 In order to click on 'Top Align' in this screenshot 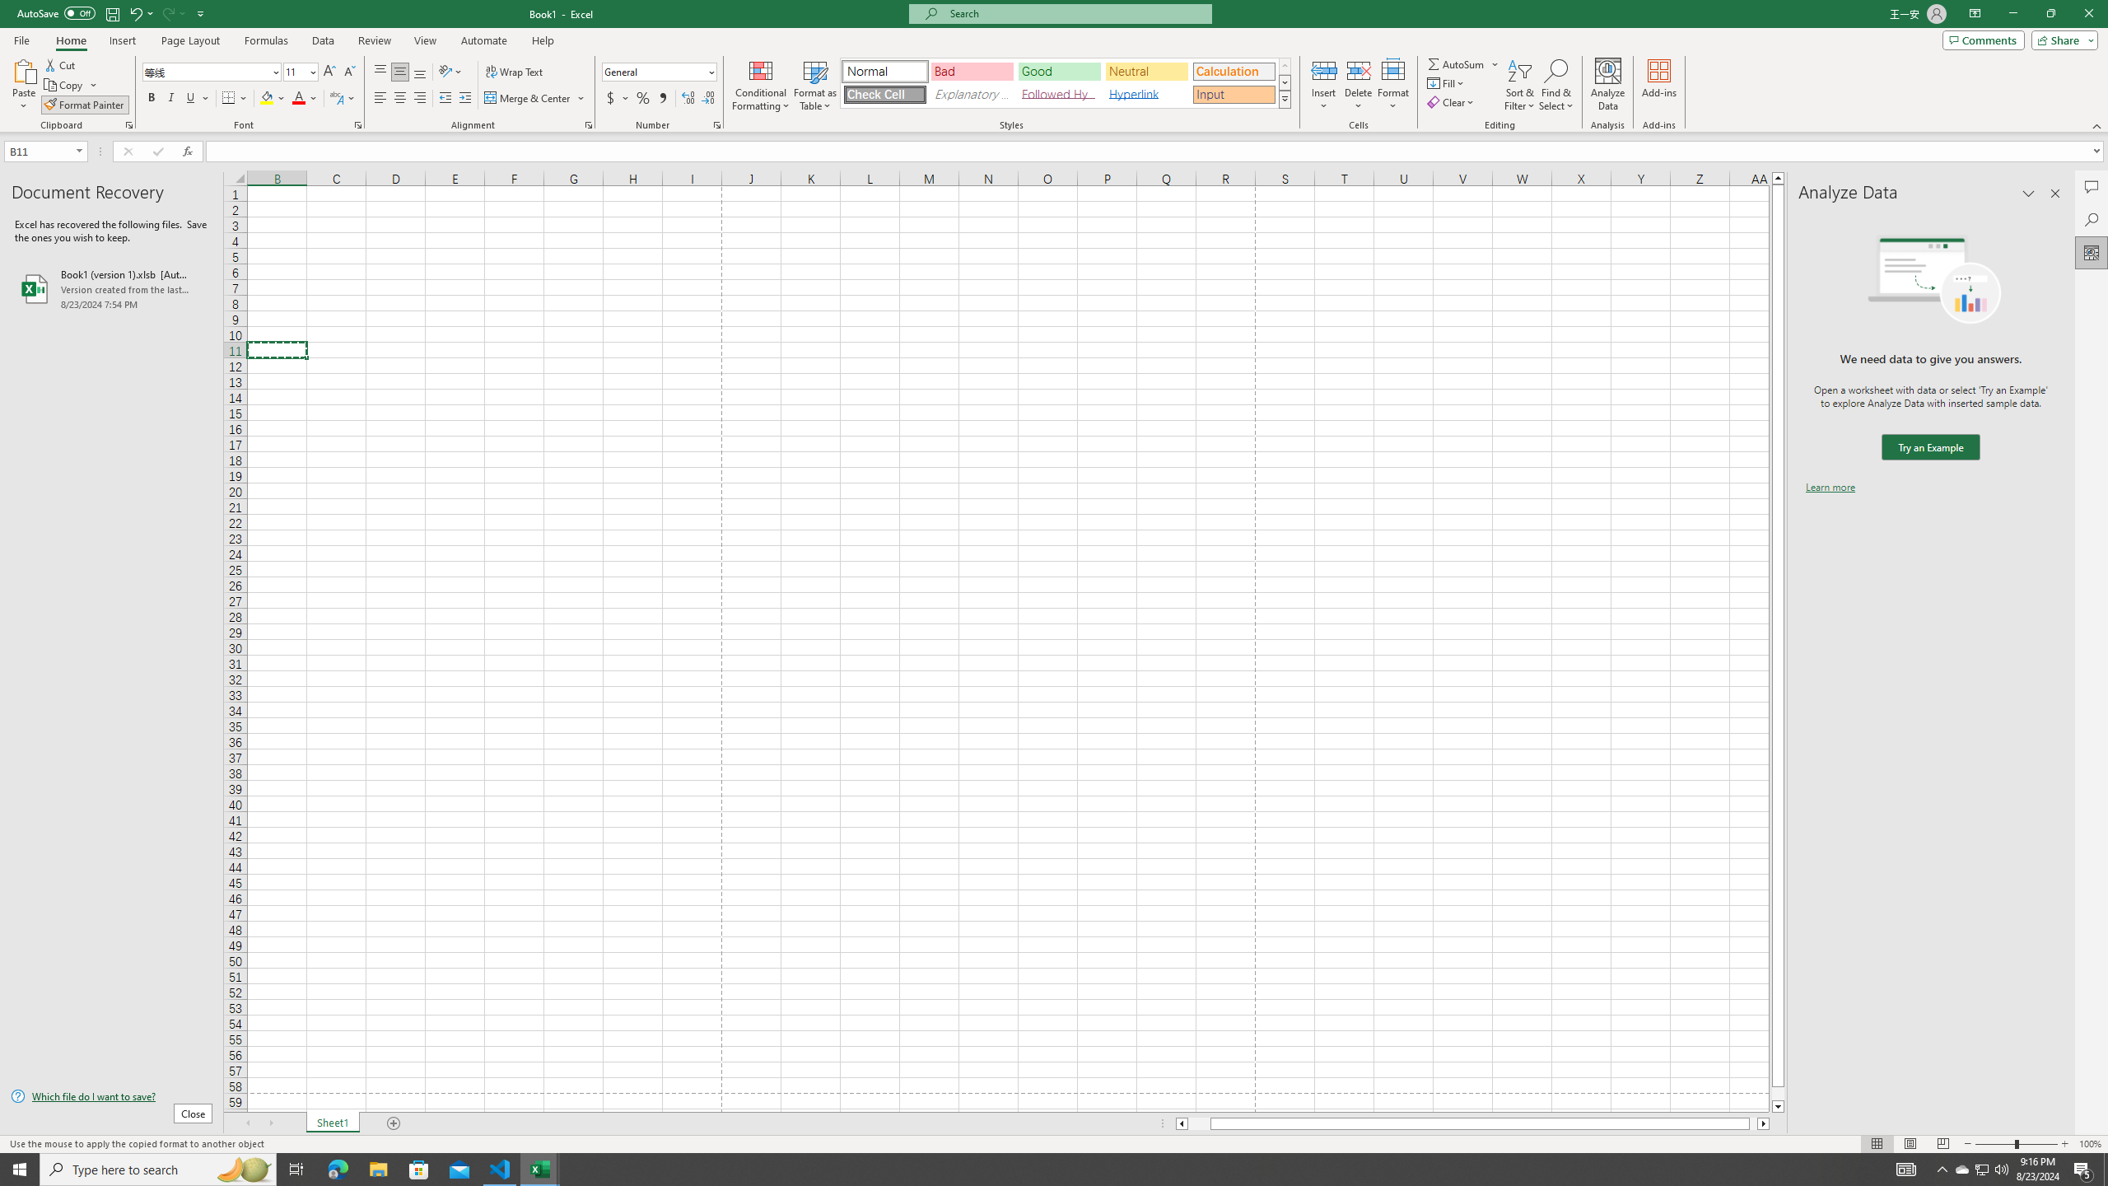, I will do `click(380, 72)`.